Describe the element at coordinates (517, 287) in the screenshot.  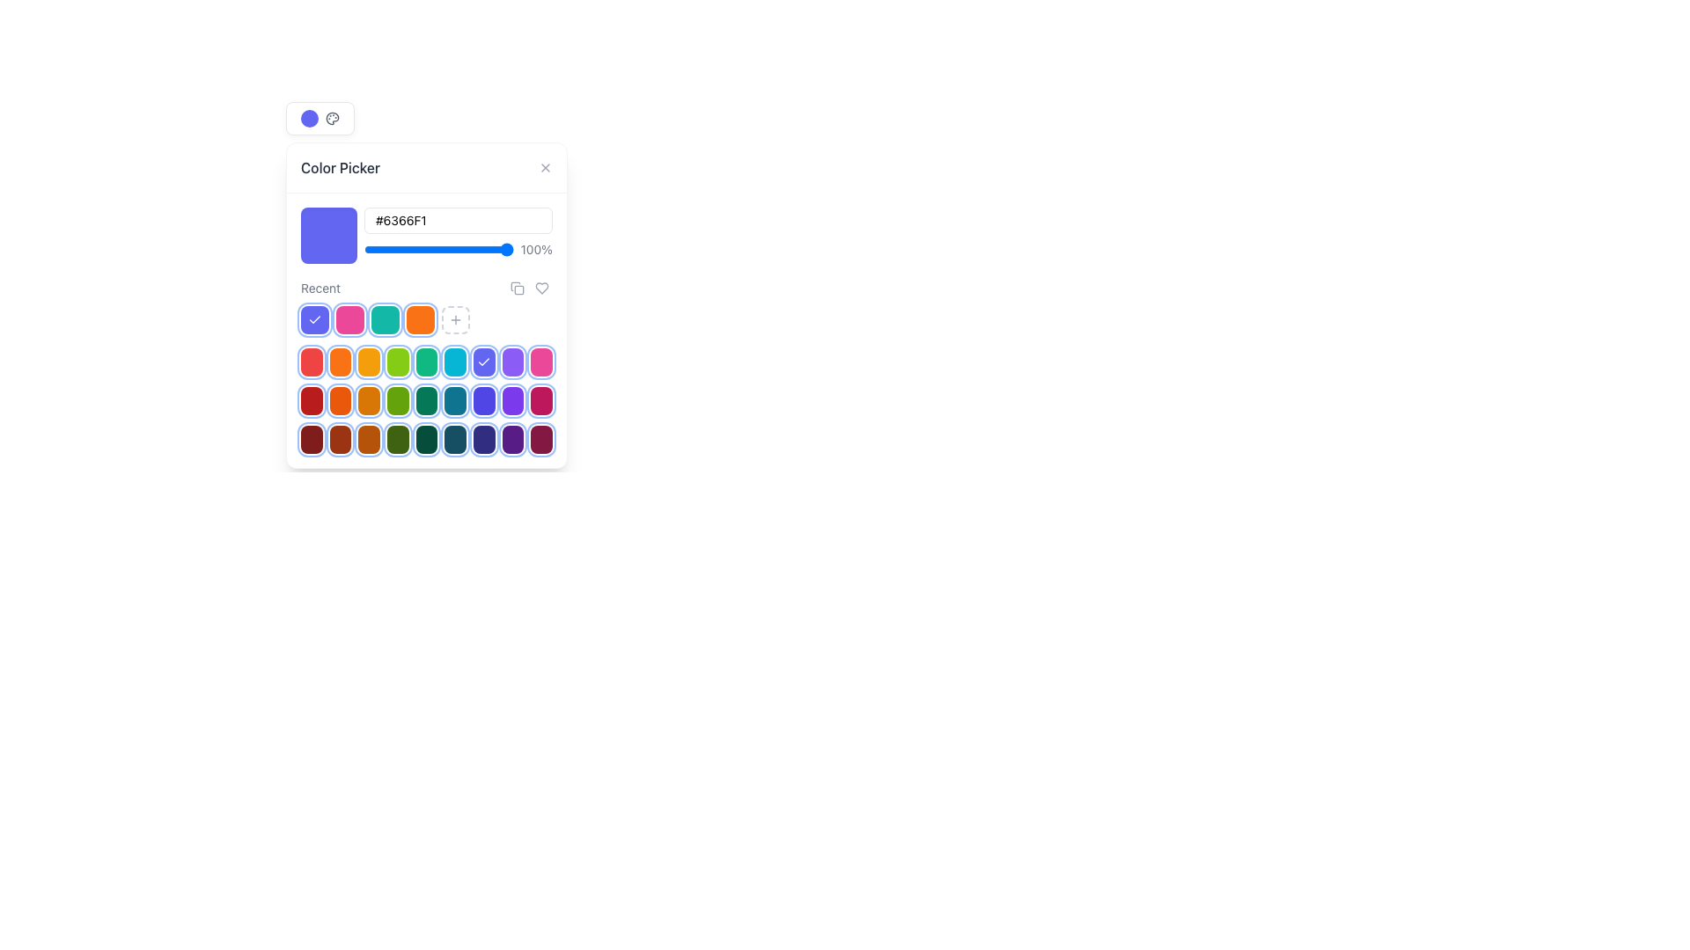
I see `the icon button resembling a copy symbol, which is located to the right of the color value input field in the color picker interface, to copy the associated color code` at that location.